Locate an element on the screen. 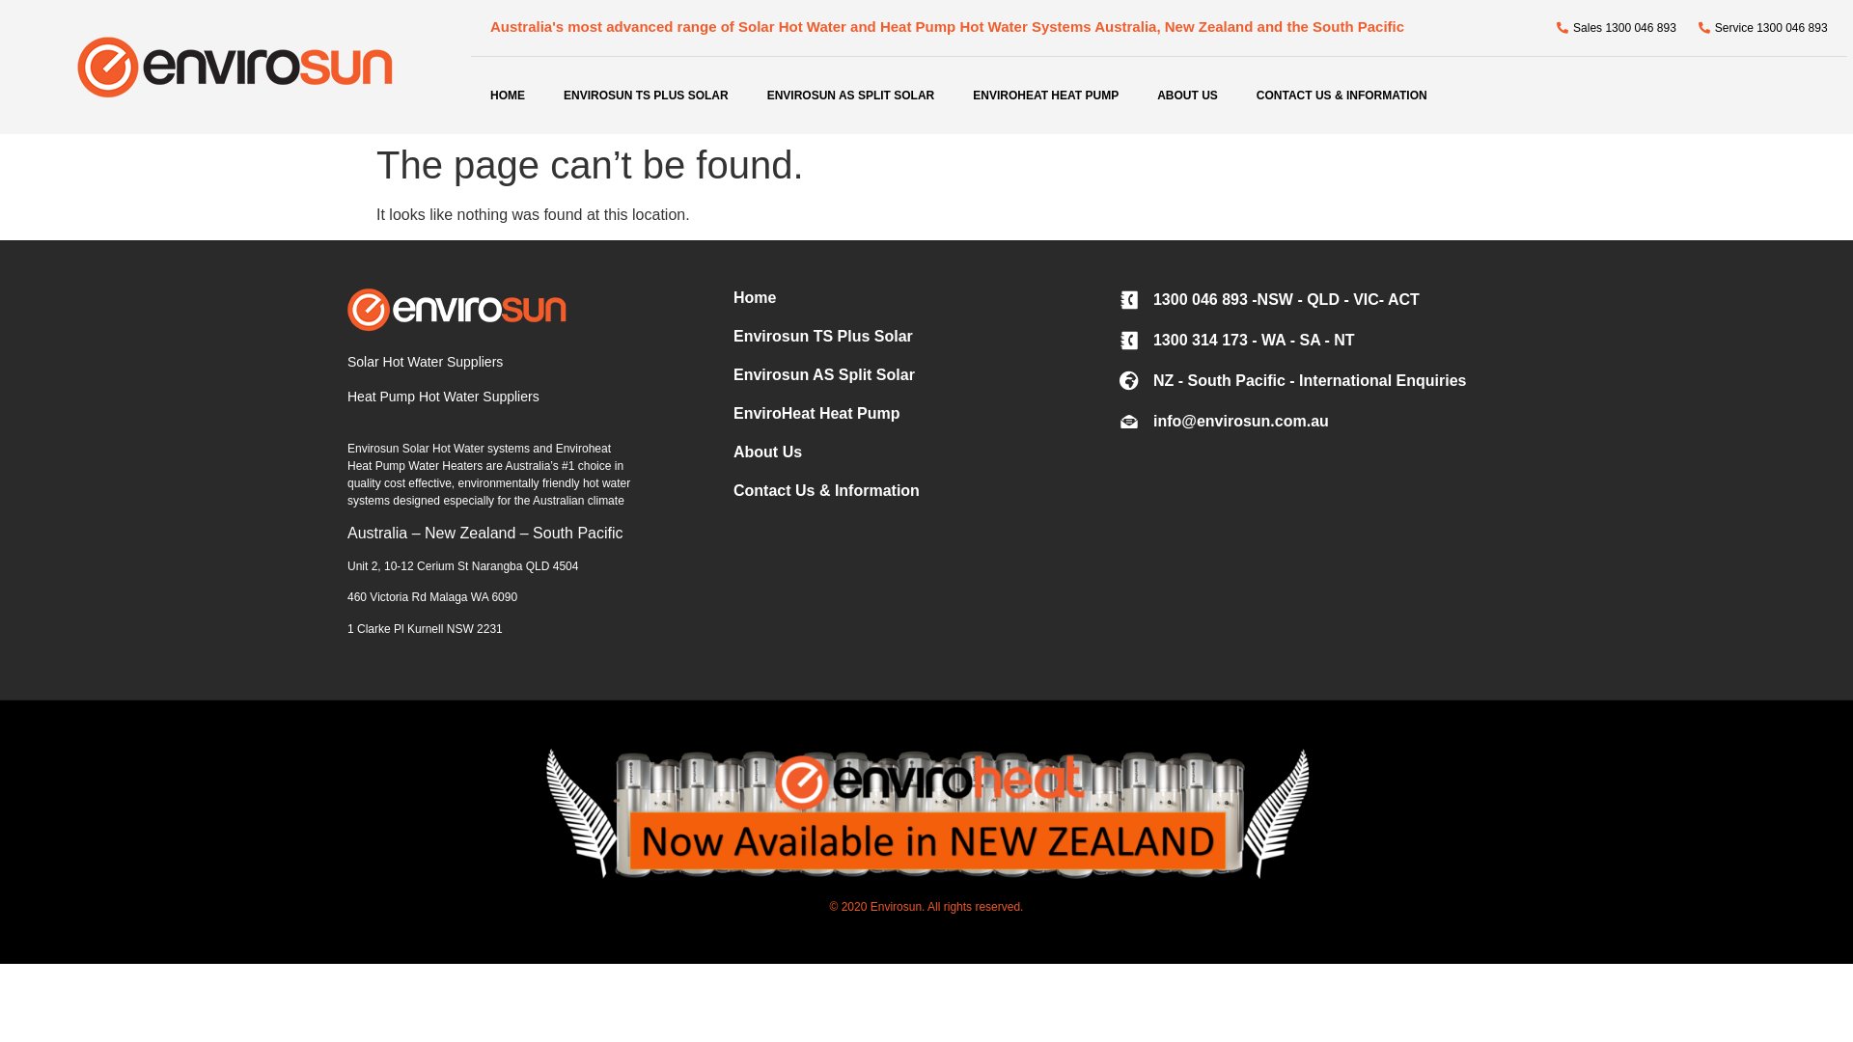  '1300 046 893 -NSW - QLD - VIC- ACT' is located at coordinates (1312, 300).